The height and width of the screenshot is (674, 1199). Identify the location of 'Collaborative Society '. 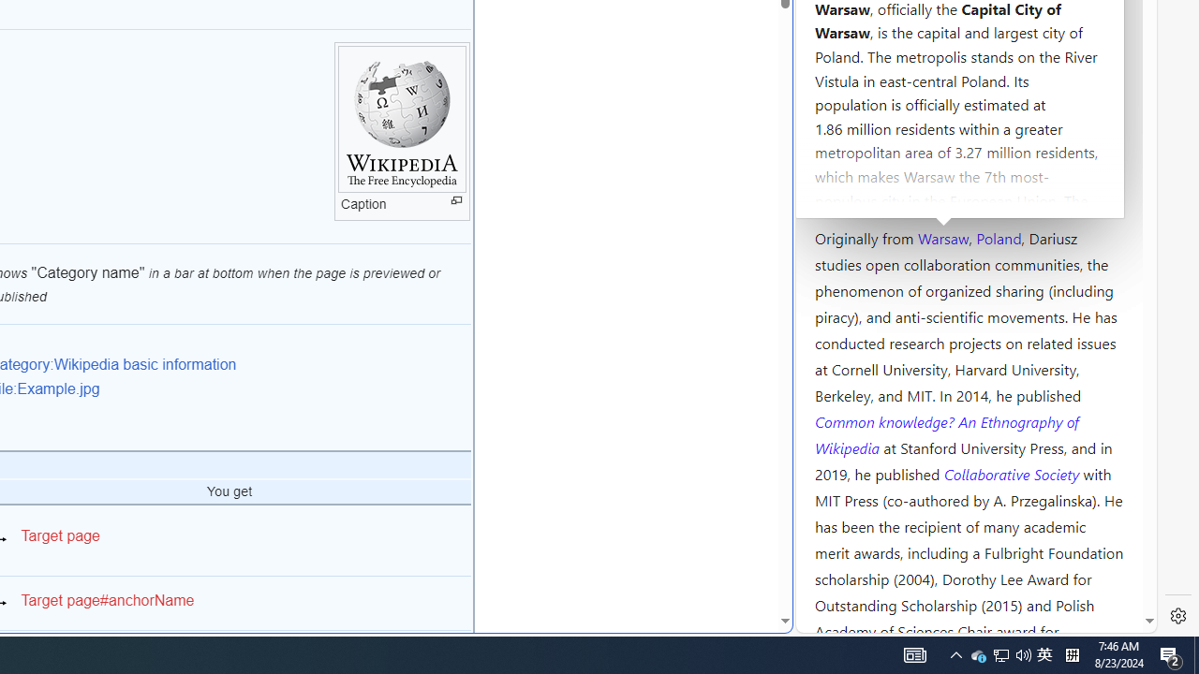
(1013, 472).